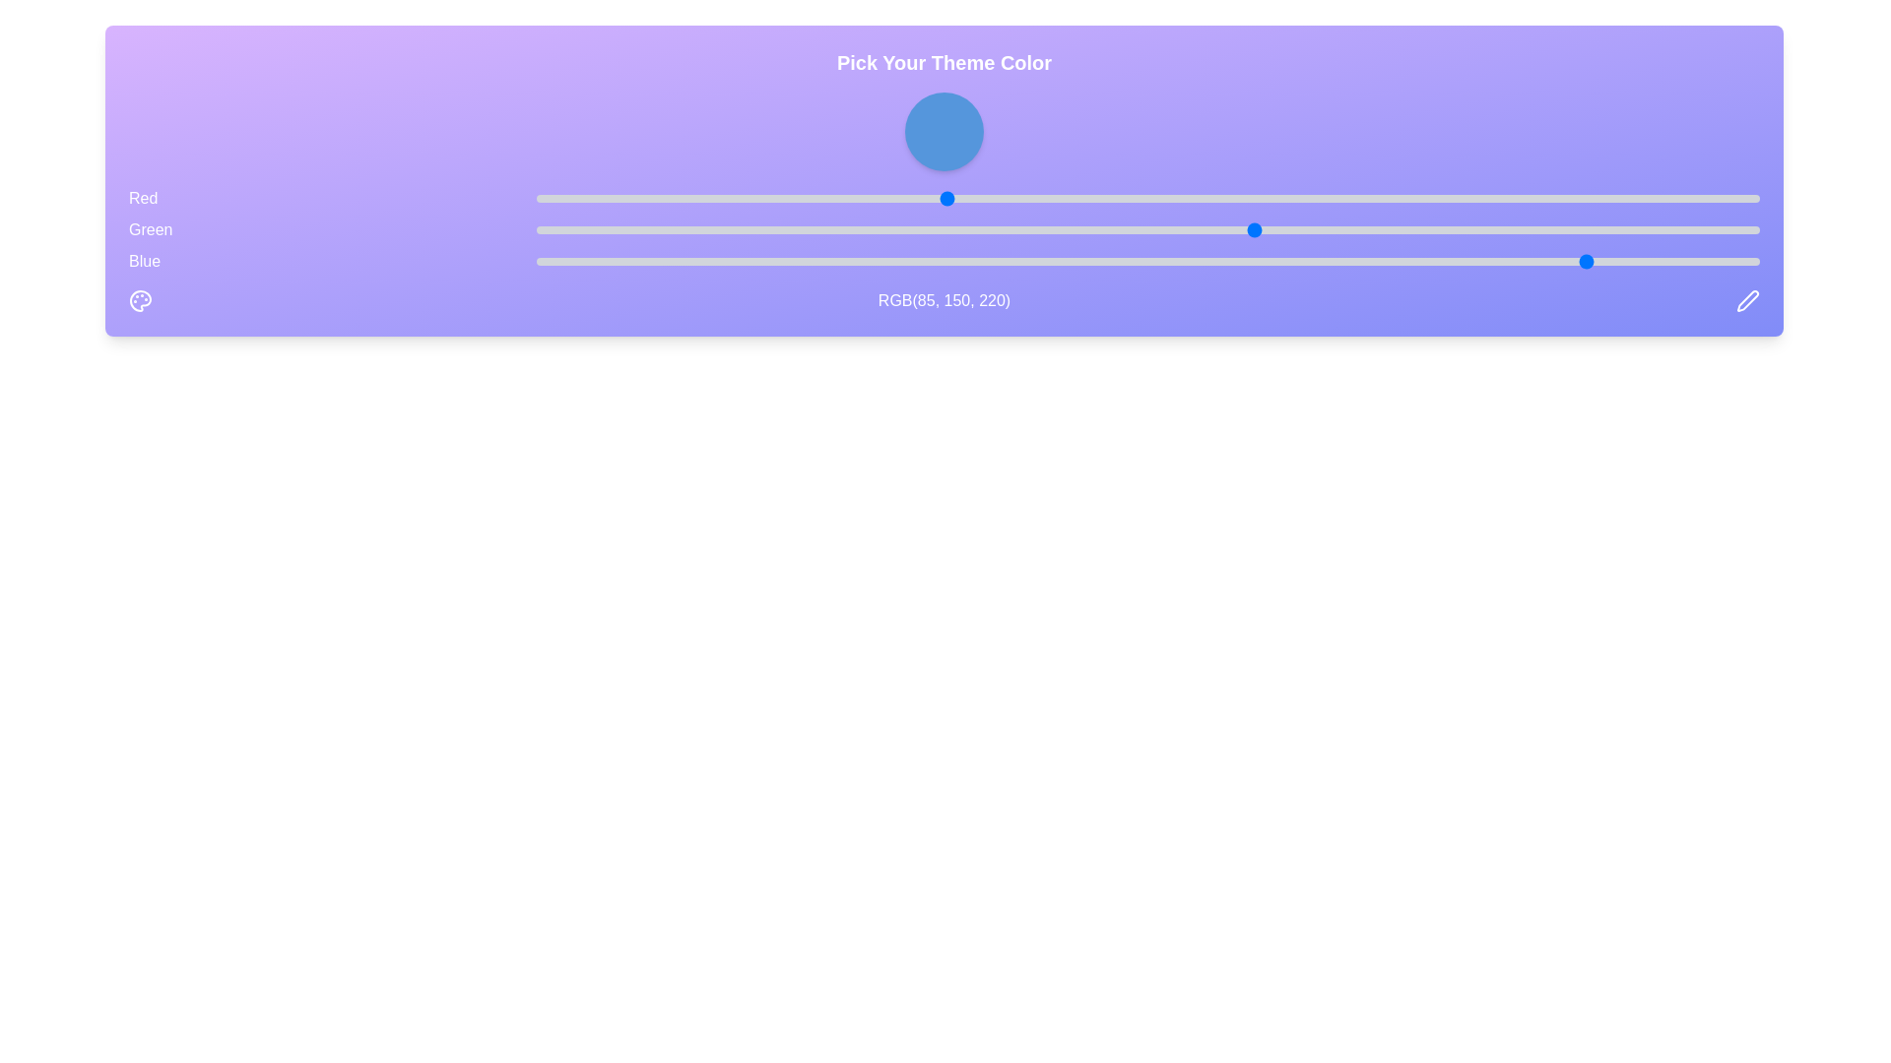 This screenshot has height=1063, width=1891. What do you see at coordinates (150, 229) in the screenshot?
I see `the text label displaying 'Green', which is the second item in a vertical alignment with similar labels 'Red' and 'Blue'` at bounding box center [150, 229].